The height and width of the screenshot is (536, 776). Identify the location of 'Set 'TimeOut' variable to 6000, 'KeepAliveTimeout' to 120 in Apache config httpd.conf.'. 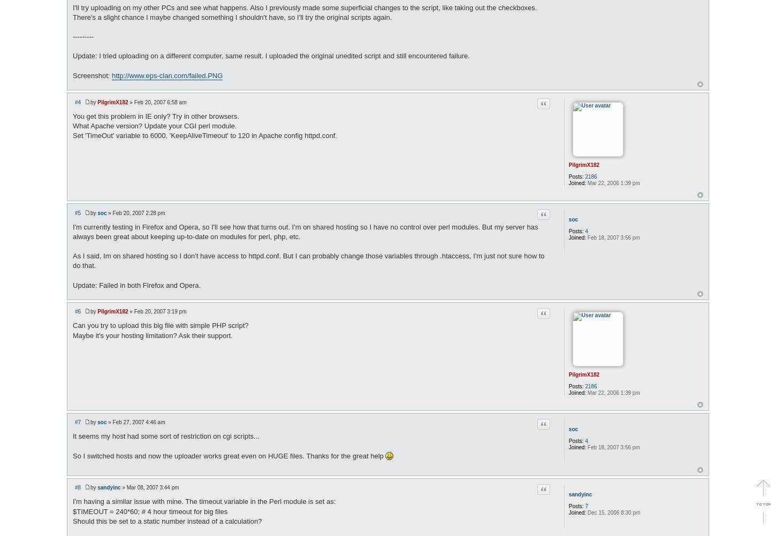
(204, 134).